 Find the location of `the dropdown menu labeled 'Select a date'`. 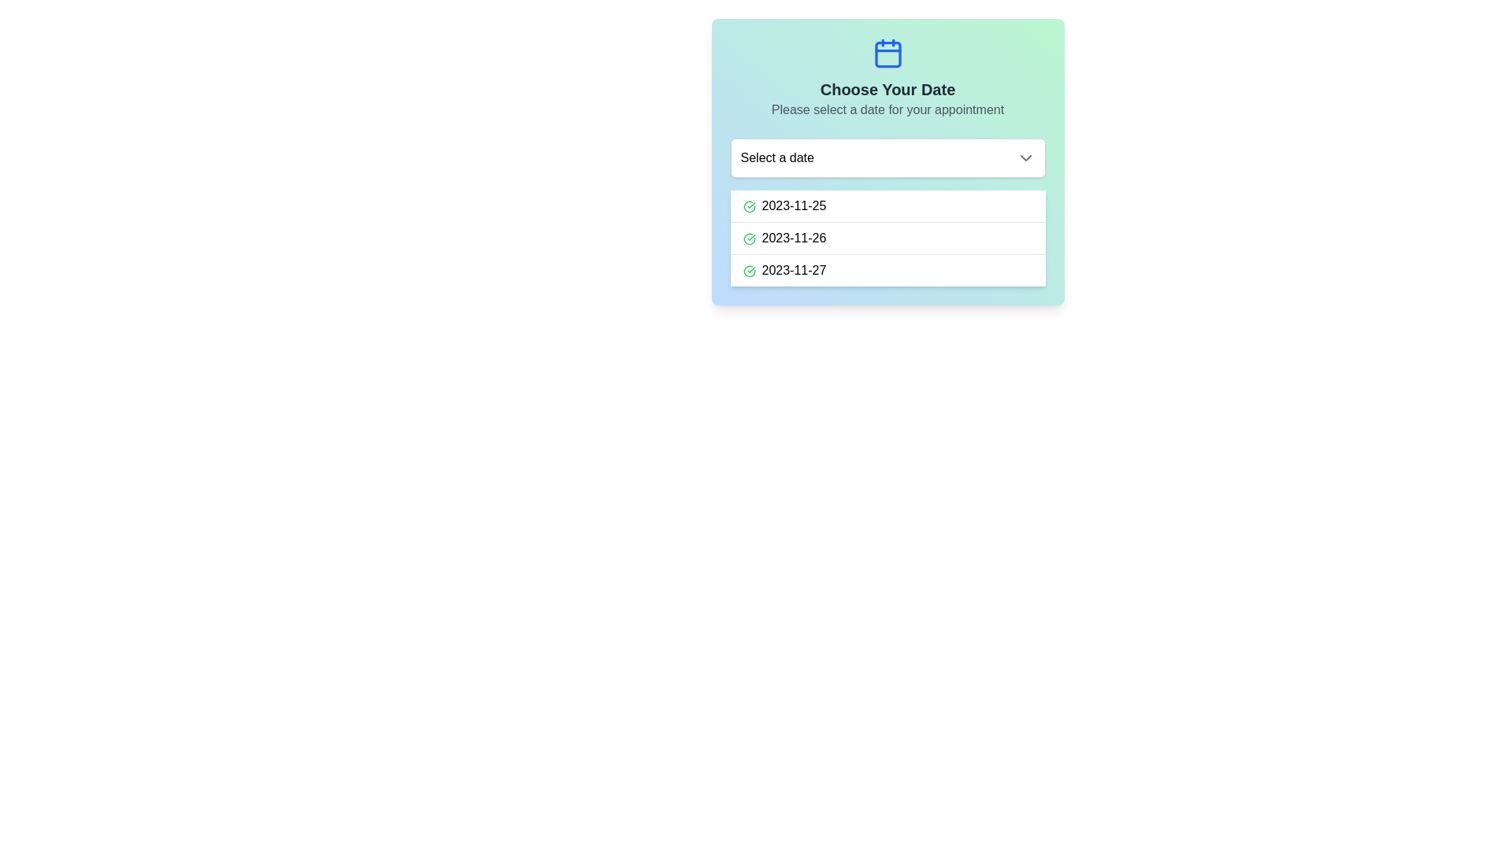

the dropdown menu labeled 'Select a date' is located at coordinates (888, 157).